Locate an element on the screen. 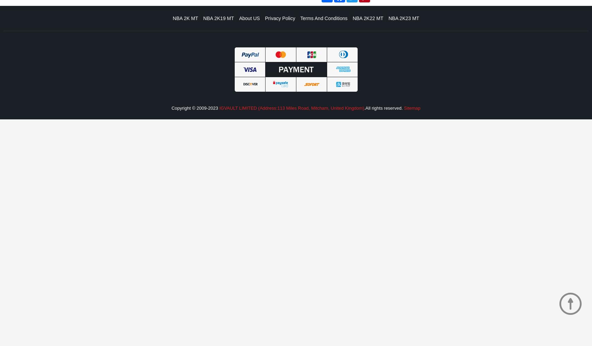  'NBA 2K22 MT' is located at coordinates (367, 18).